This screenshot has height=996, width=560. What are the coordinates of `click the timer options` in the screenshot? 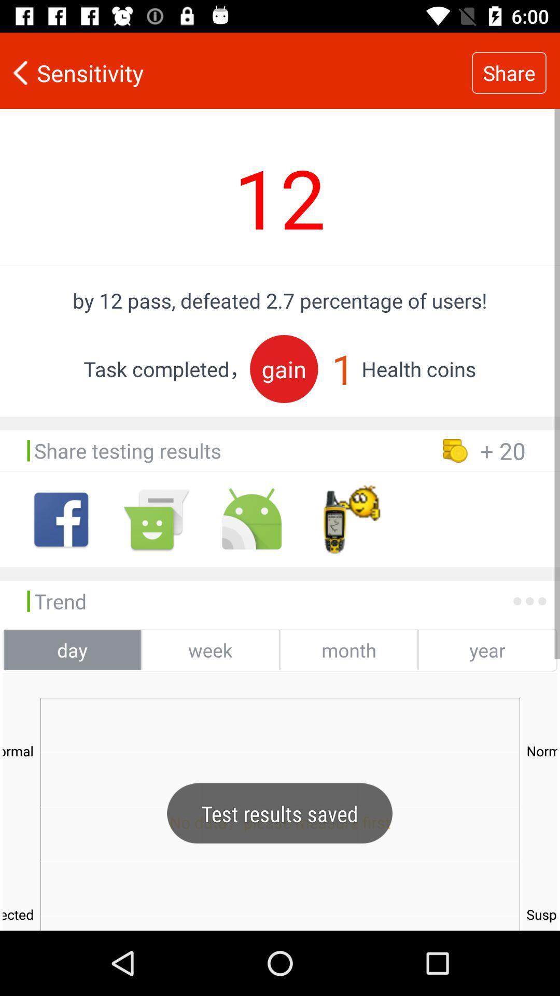 It's located at (347, 519).